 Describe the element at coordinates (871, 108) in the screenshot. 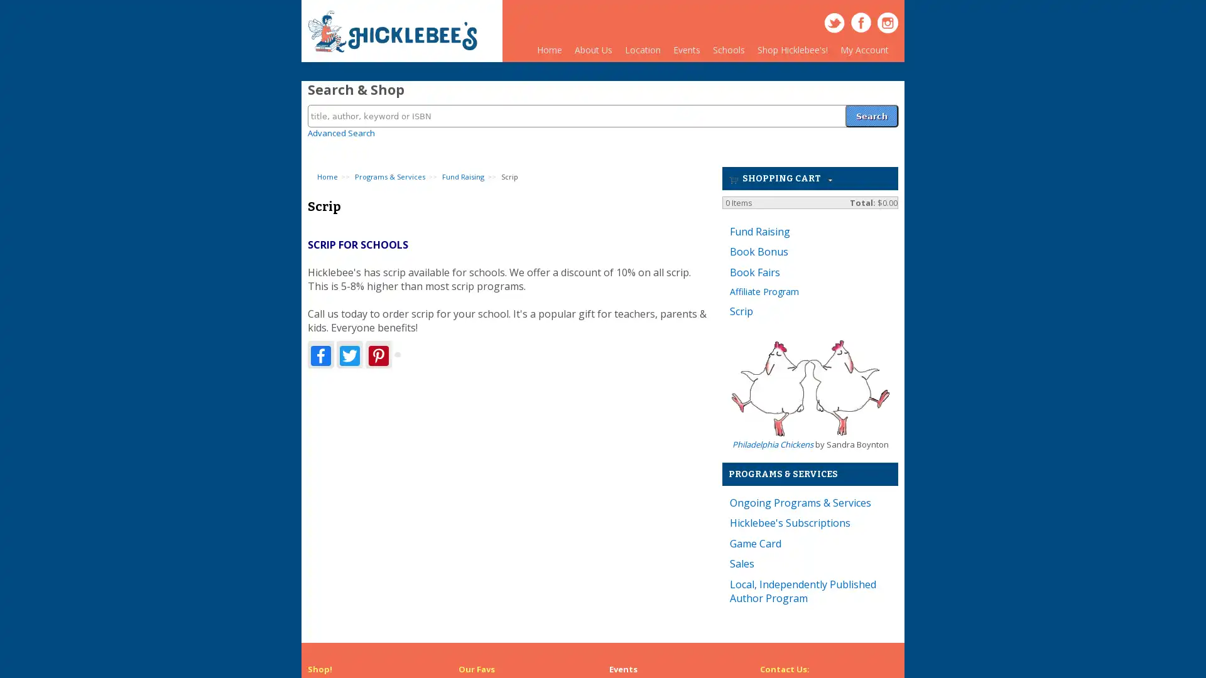

I see `Search` at that location.